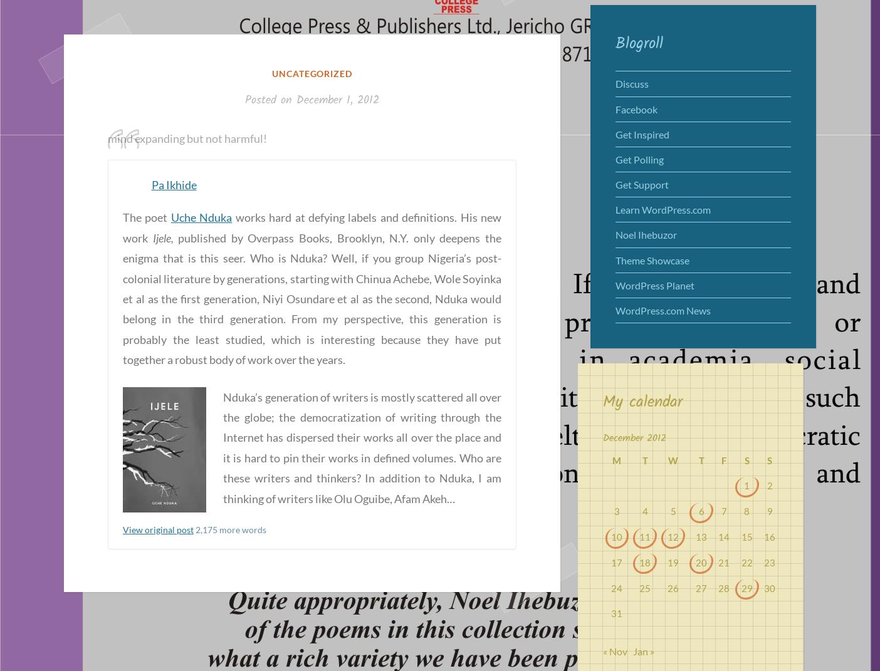  I want to click on 'Get Support', so click(642, 184).